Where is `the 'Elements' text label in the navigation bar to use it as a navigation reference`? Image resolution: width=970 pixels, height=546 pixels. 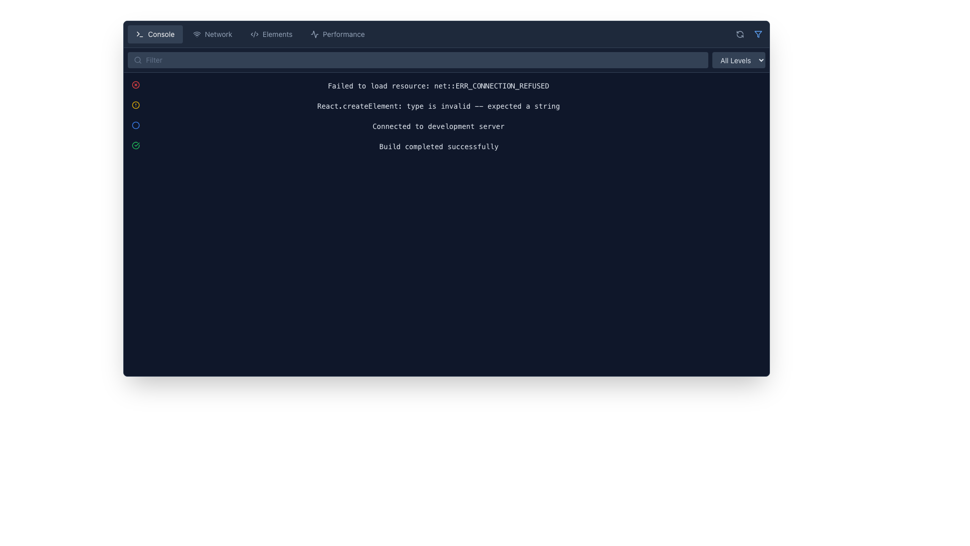 the 'Elements' text label in the navigation bar to use it as a navigation reference is located at coordinates (277, 34).